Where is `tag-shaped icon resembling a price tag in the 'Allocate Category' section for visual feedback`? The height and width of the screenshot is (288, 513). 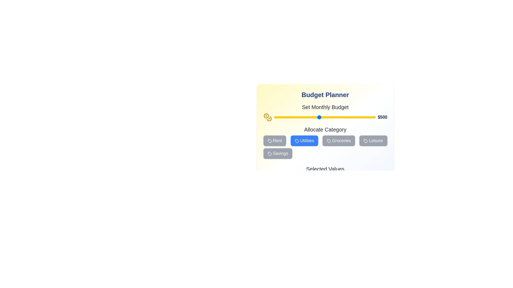
tag-shaped icon resembling a price tag in the 'Allocate Category' section for visual feedback is located at coordinates (270, 154).